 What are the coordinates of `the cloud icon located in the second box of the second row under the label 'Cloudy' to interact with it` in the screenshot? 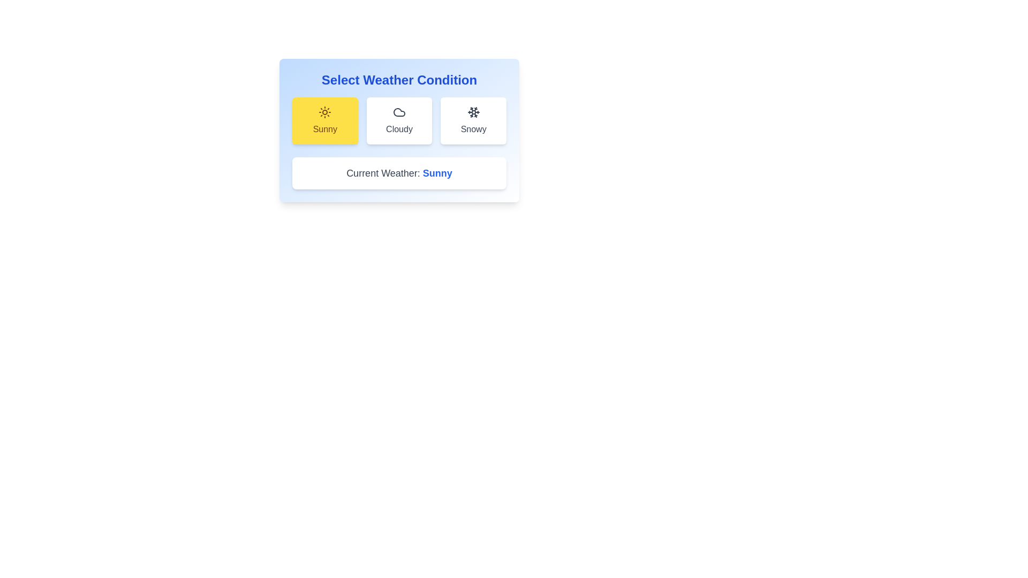 It's located at (398, 112).